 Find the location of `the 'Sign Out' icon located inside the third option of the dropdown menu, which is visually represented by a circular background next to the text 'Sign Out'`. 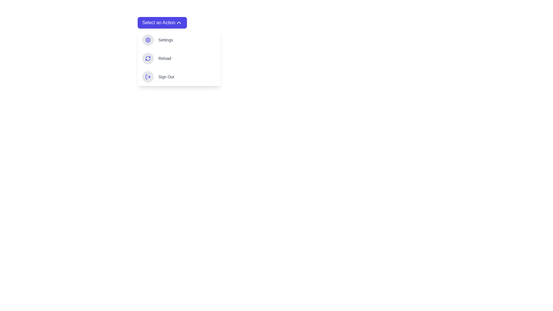

the 'Sign Out' icon located inside the third option of the dropdown menu, which is visually represented by a circular background next to the text 'Sign Out' is located at coordinates (148, 76).